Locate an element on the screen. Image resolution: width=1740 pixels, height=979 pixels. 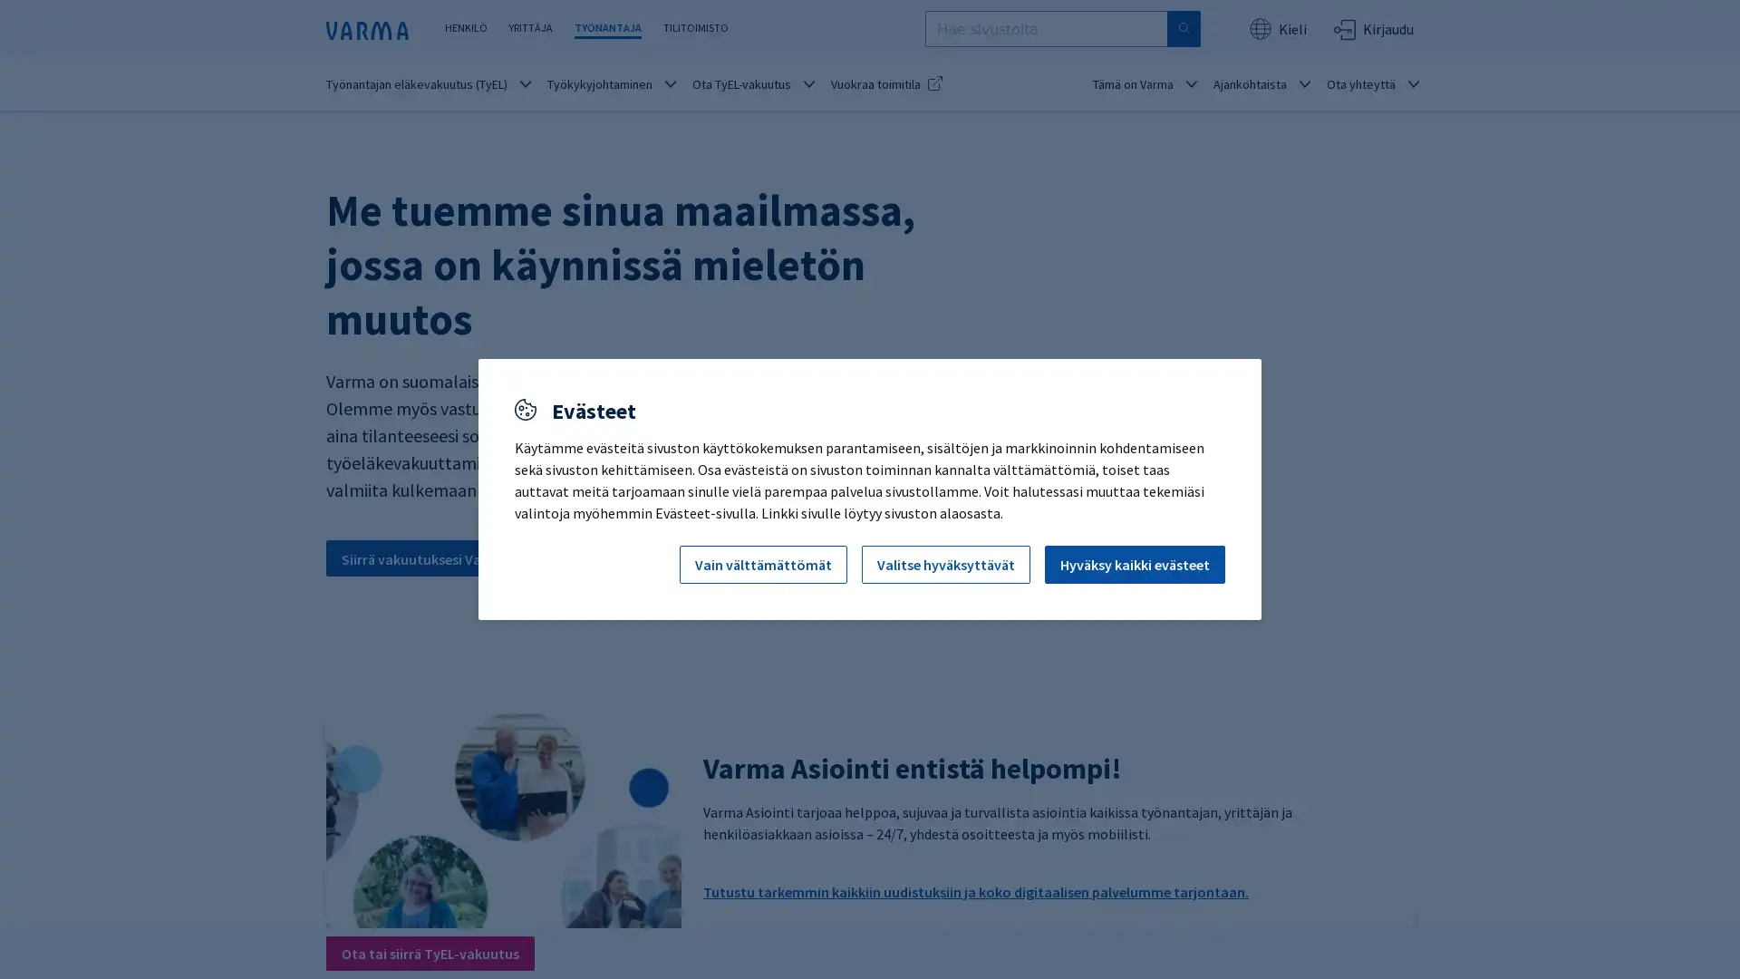
Valitse hyvaksyttavat is located at coordinates (944, 564).